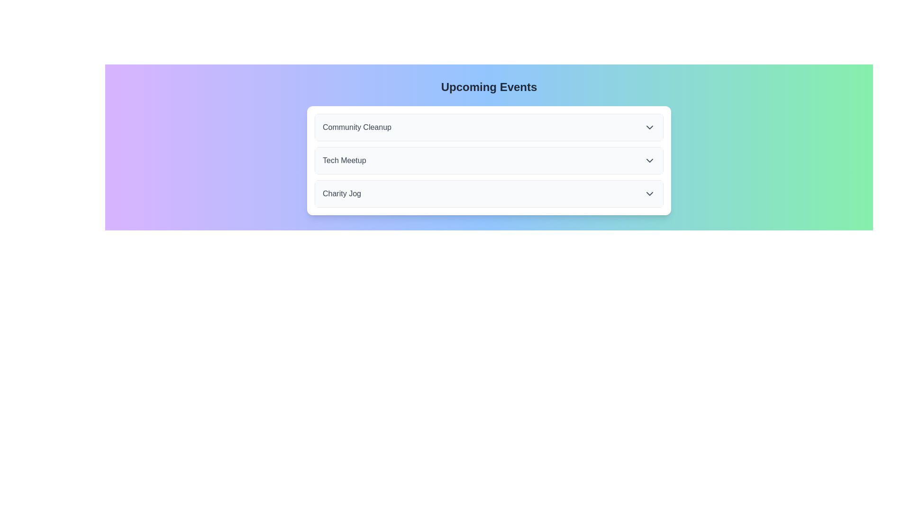  I want to click on the chevron icon located at the far-right of the 'Community Cleanup' header row, so click(649, 127).